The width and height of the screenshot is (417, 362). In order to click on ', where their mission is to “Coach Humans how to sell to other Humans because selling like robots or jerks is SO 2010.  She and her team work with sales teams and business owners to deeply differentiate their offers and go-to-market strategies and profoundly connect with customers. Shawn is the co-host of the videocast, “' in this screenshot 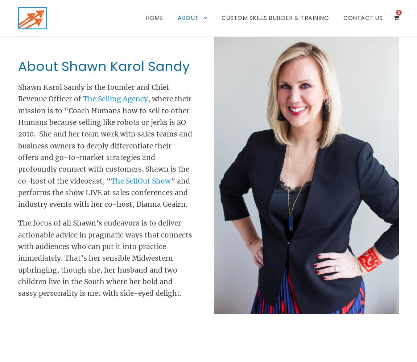, I will do `click(105, 140)`.